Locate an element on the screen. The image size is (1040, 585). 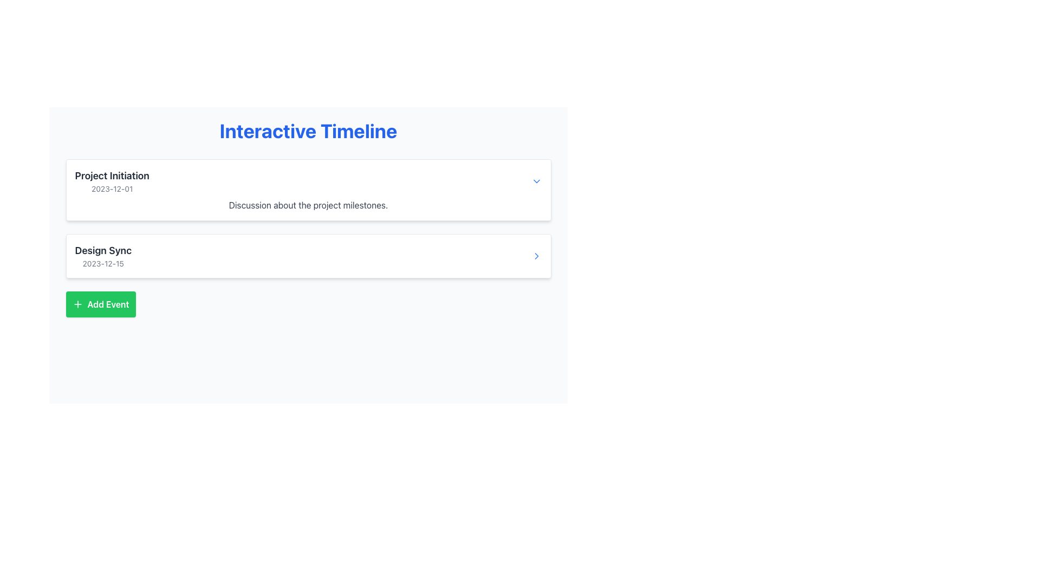
the button located at the bottom-left of the events section is located at coordinates (101, 304).